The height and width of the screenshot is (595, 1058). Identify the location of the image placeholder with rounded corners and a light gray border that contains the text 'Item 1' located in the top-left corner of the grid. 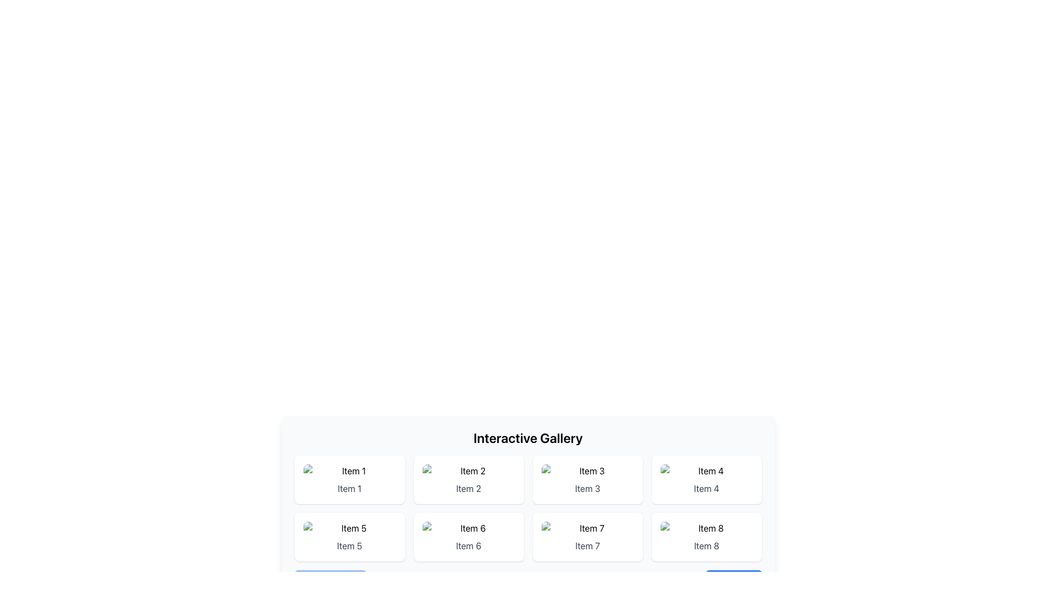
(349, 471).